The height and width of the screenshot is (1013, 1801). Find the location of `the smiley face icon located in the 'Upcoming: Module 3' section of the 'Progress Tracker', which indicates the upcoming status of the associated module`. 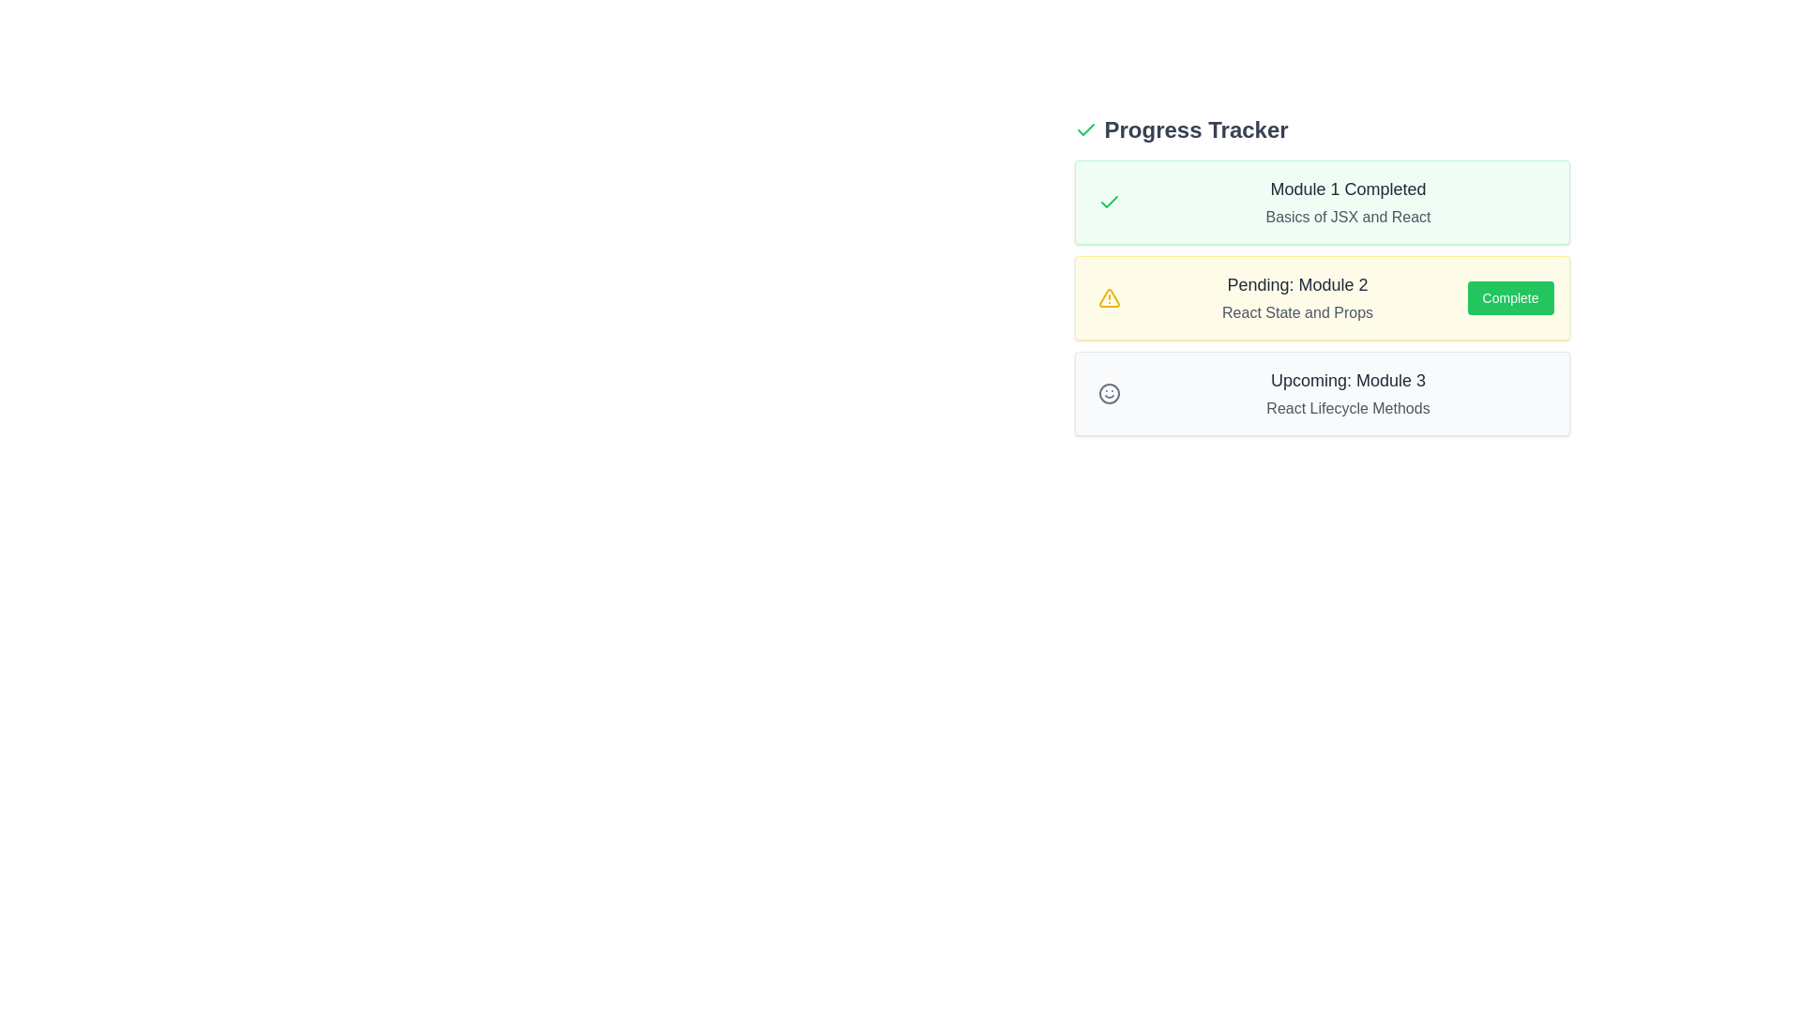

the smiley face icon located in the 'Upcoming: Module 3' section of the 'Progress Tracker', which indicates the upcoming status of the associated module is located at coordinates (1109, 393).